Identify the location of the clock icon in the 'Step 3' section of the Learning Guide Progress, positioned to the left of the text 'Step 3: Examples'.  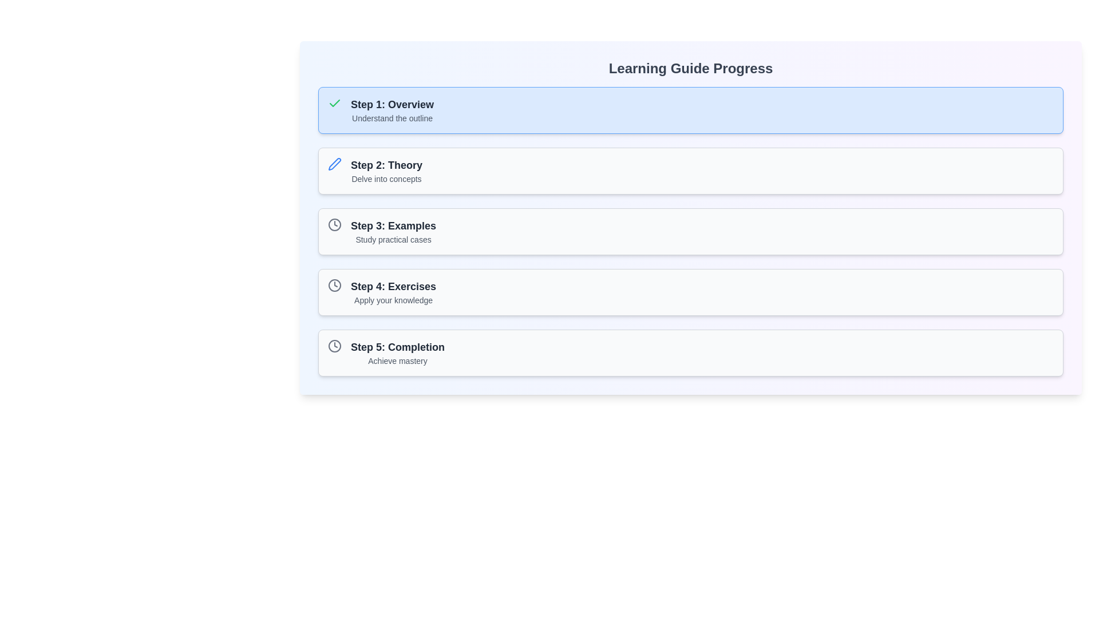
(334, 225).